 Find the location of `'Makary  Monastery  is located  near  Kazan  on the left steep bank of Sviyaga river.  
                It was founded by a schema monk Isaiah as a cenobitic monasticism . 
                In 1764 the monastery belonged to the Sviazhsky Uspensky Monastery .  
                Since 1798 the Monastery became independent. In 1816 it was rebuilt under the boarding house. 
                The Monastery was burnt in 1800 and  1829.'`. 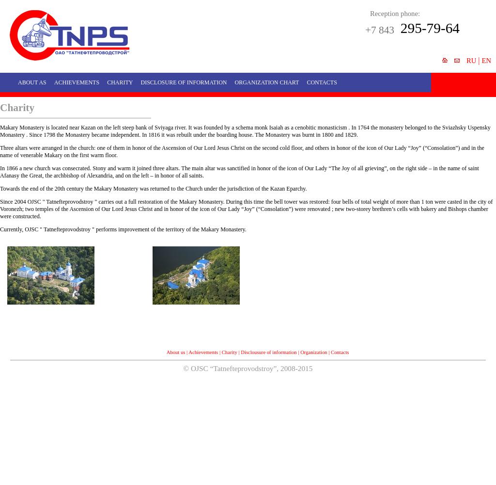

'Makary  Monastery  is located  near  Kazan  on the left steep bank of Sviyaga river.  
                It was founded by a schema monk Isaiah as a cenobitic monasticism . 
                In 1764 the monastery belonged to the Sviazhsky Uspensky Monastery .  
                Since 1798 the Monastery became independent. In 1816 it was rebuilt under the boarding house. 
                The Monastery was burnt in 1800 and  1829.' is located at coordinates (244, 131).